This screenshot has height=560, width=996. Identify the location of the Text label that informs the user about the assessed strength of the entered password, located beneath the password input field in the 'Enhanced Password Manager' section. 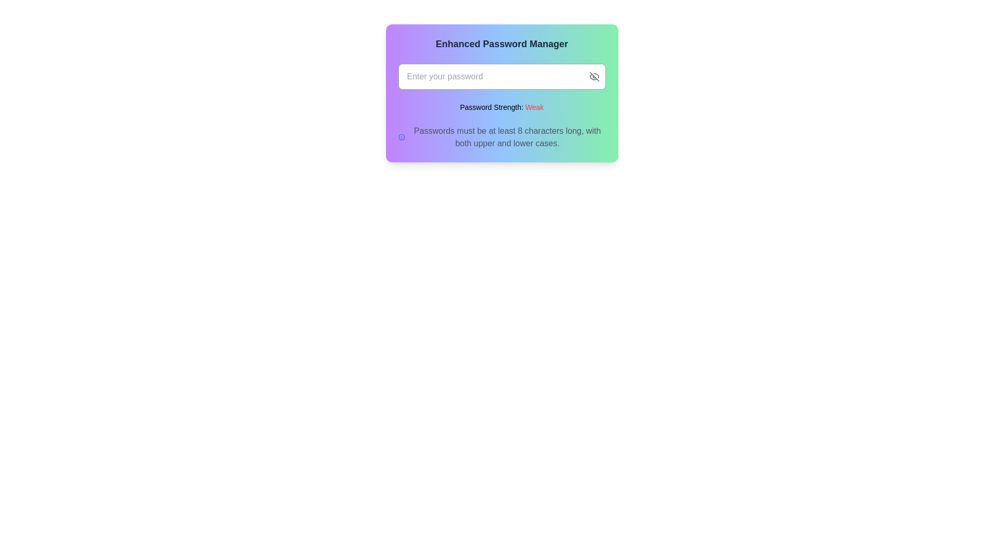
(502, 107).